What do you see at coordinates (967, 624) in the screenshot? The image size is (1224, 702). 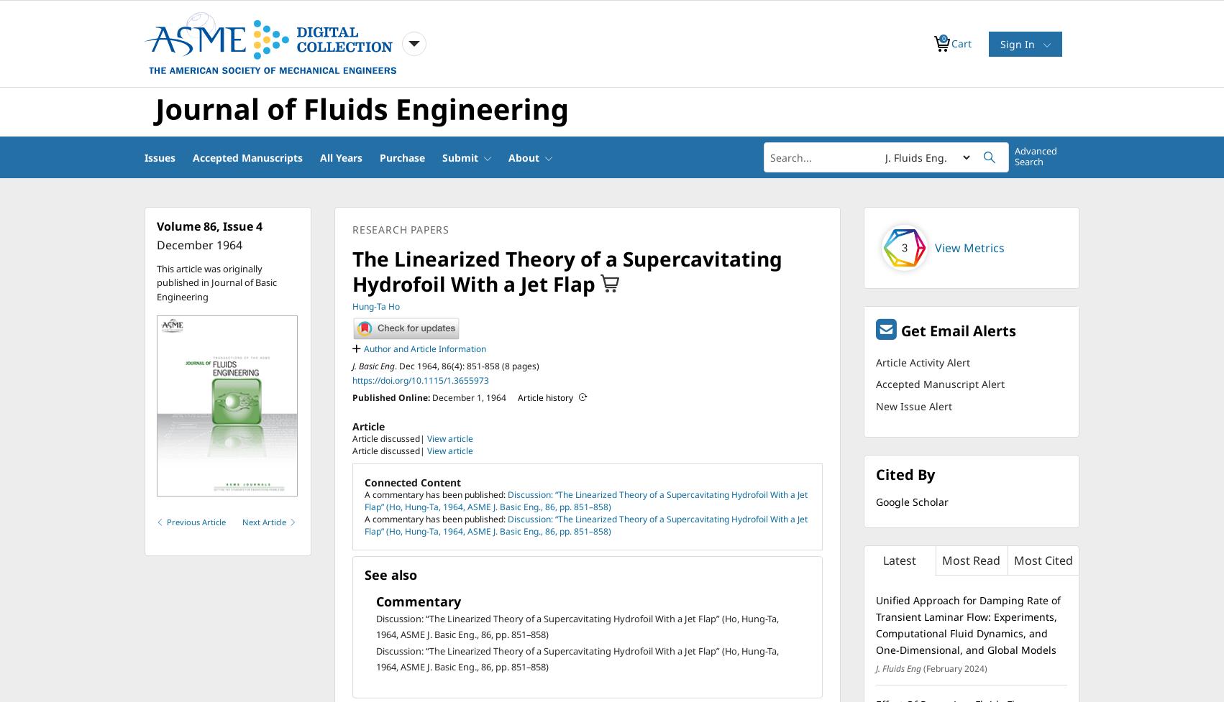 I see `'Unified Approach for Damping Rate of Transient Laminar Flow: Experiments, Computational Fluid Dynamics, and One-Dimensional, and Global Models'` at bounding box center [967, 624].